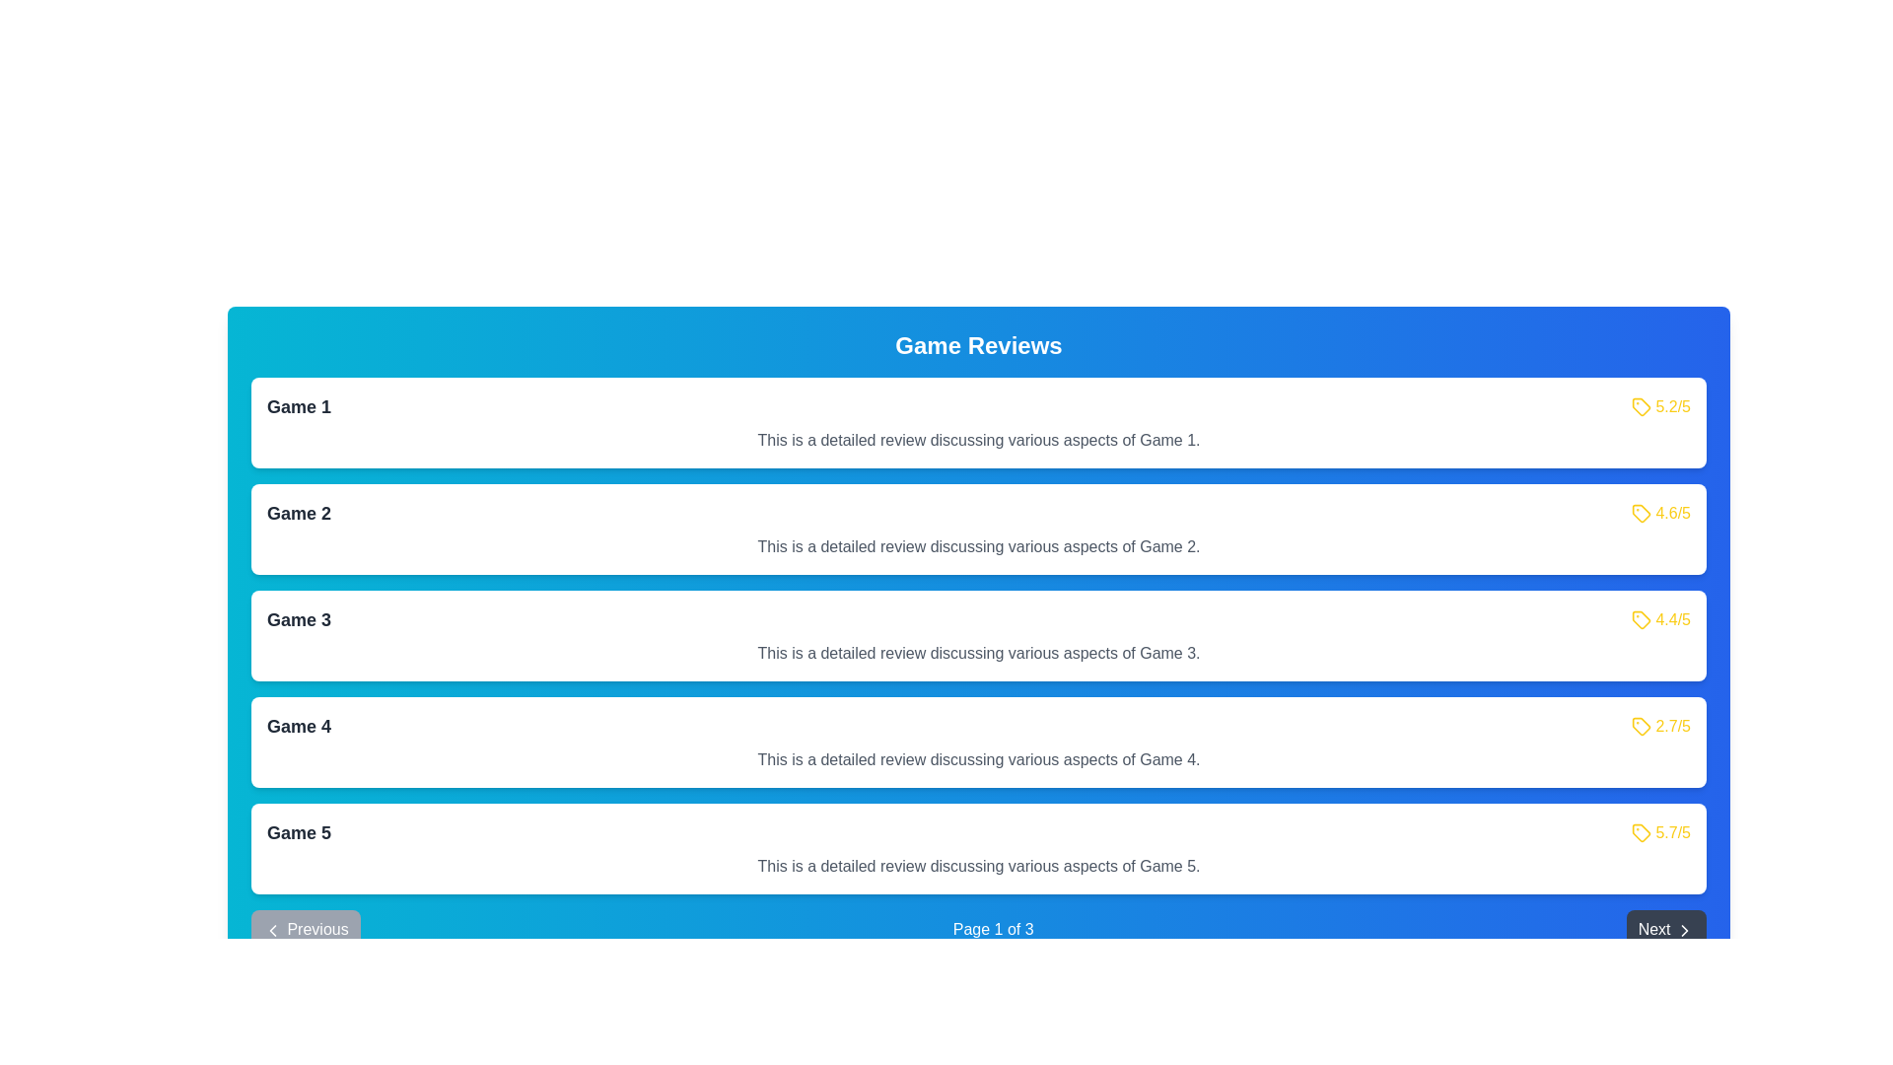 The height and width of the screenshot is (1065, 1893). I want to click on the yellow tag icon located near the '5.7/5' text on the right side of the fifth review item in the vertical list of reviews, so click(1642, 832).